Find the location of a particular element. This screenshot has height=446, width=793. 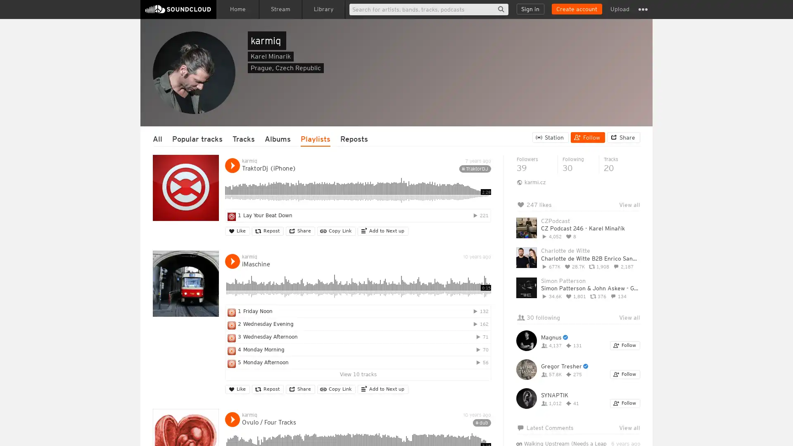

Play is located at coordinates (232, 419).